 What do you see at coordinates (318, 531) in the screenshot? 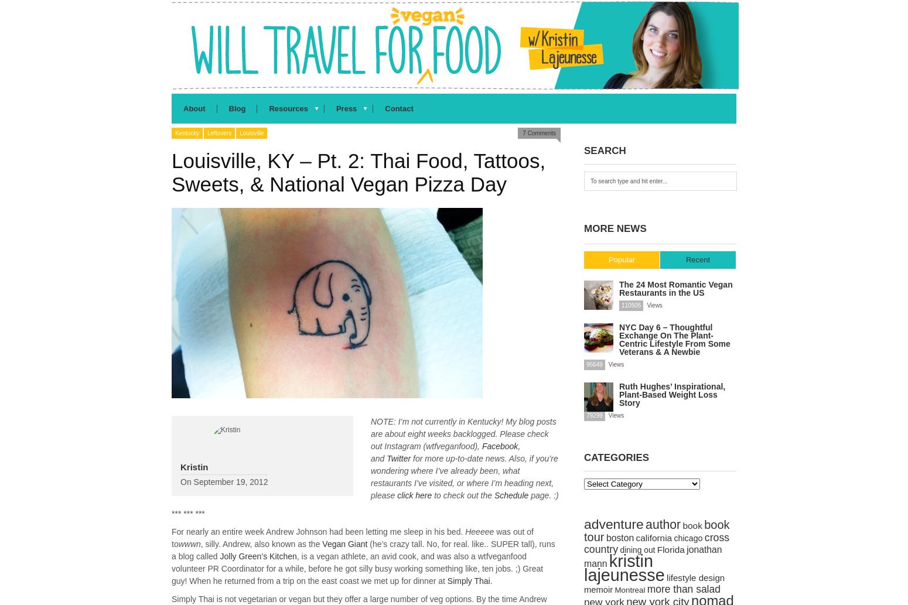
I see `'For nearly an entire week Andrew Johnson had been letting me sleep in his bed.'` at bounding box center [318, 531].